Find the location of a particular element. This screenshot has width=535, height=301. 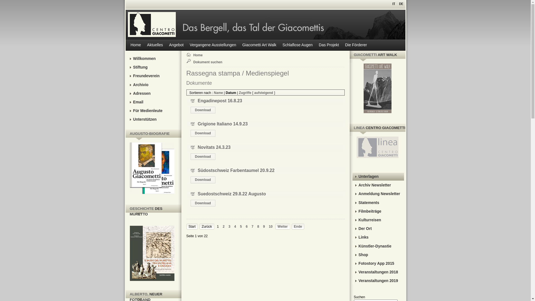

'Aktuelles' is located at coordinates (144, 45).